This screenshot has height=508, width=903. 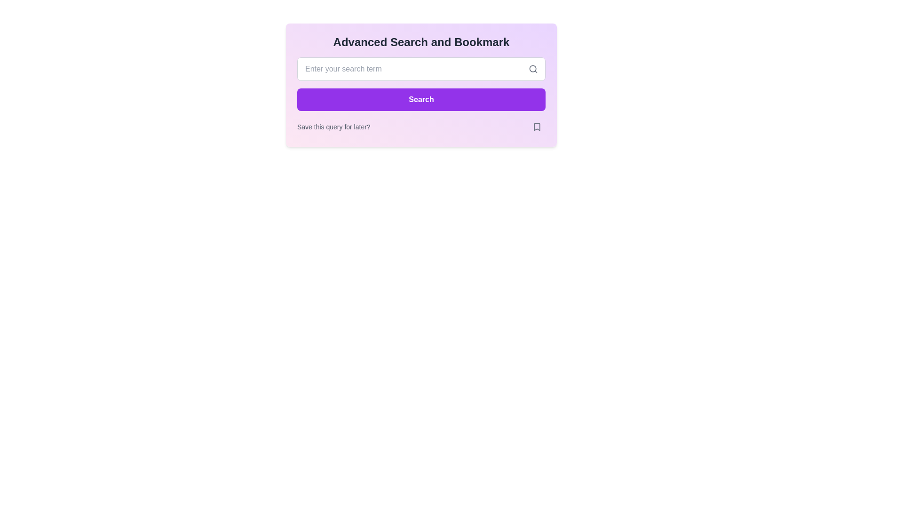 I want to click on the save button located on the far right side of the section containing the text 'Save this query for later?', so click(x=537, y=127).